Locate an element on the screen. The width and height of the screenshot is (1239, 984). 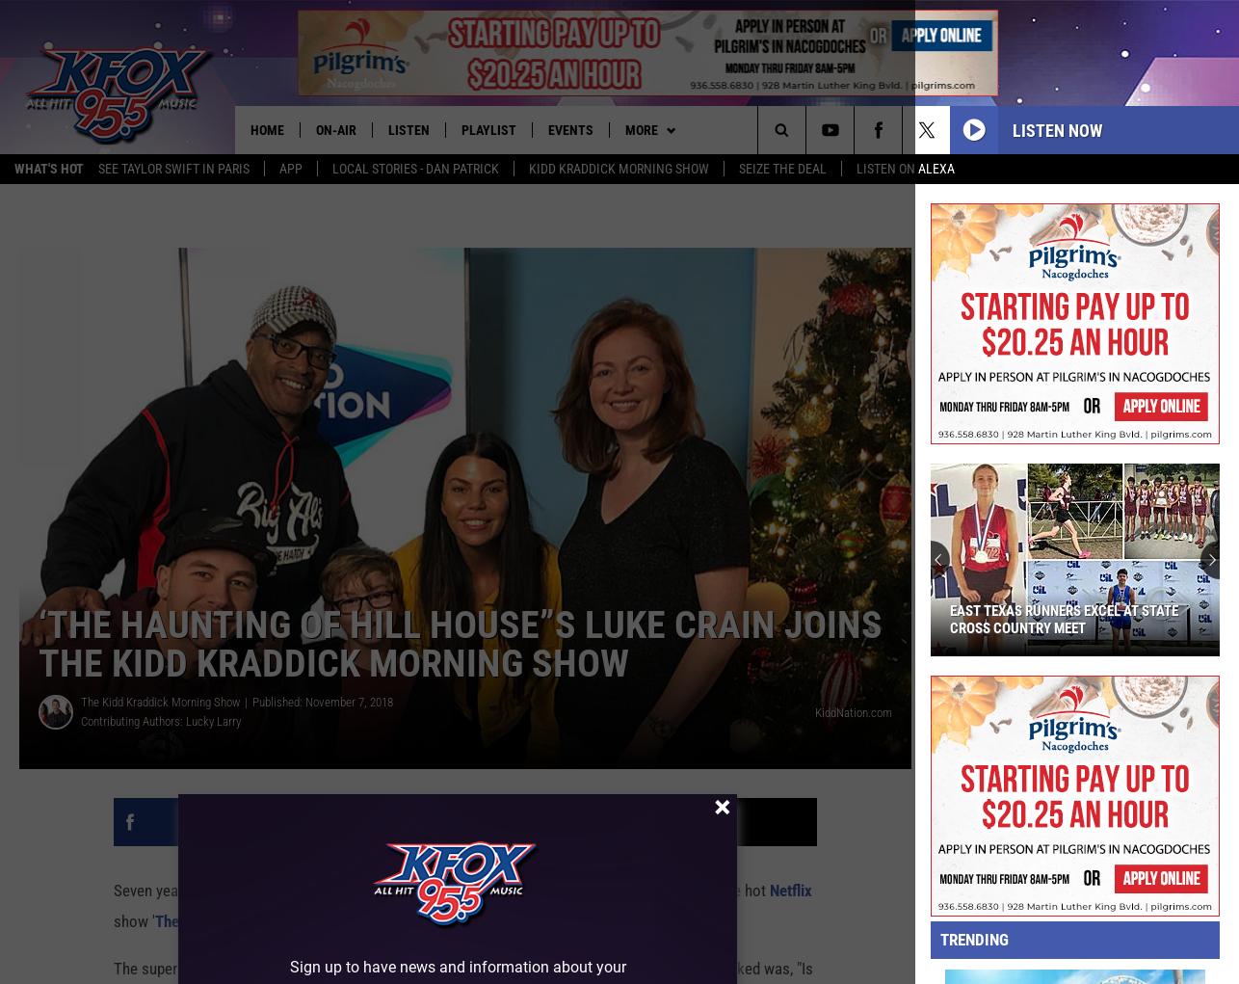
'App' is located at coordinates (290, 169).